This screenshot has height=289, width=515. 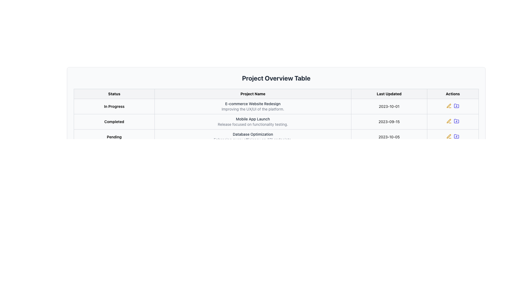 What do you see at coordinates (276, 106) in the screenshot?
I see `the first row of the project overview table to change its background color` at bounding box center [276, 106].